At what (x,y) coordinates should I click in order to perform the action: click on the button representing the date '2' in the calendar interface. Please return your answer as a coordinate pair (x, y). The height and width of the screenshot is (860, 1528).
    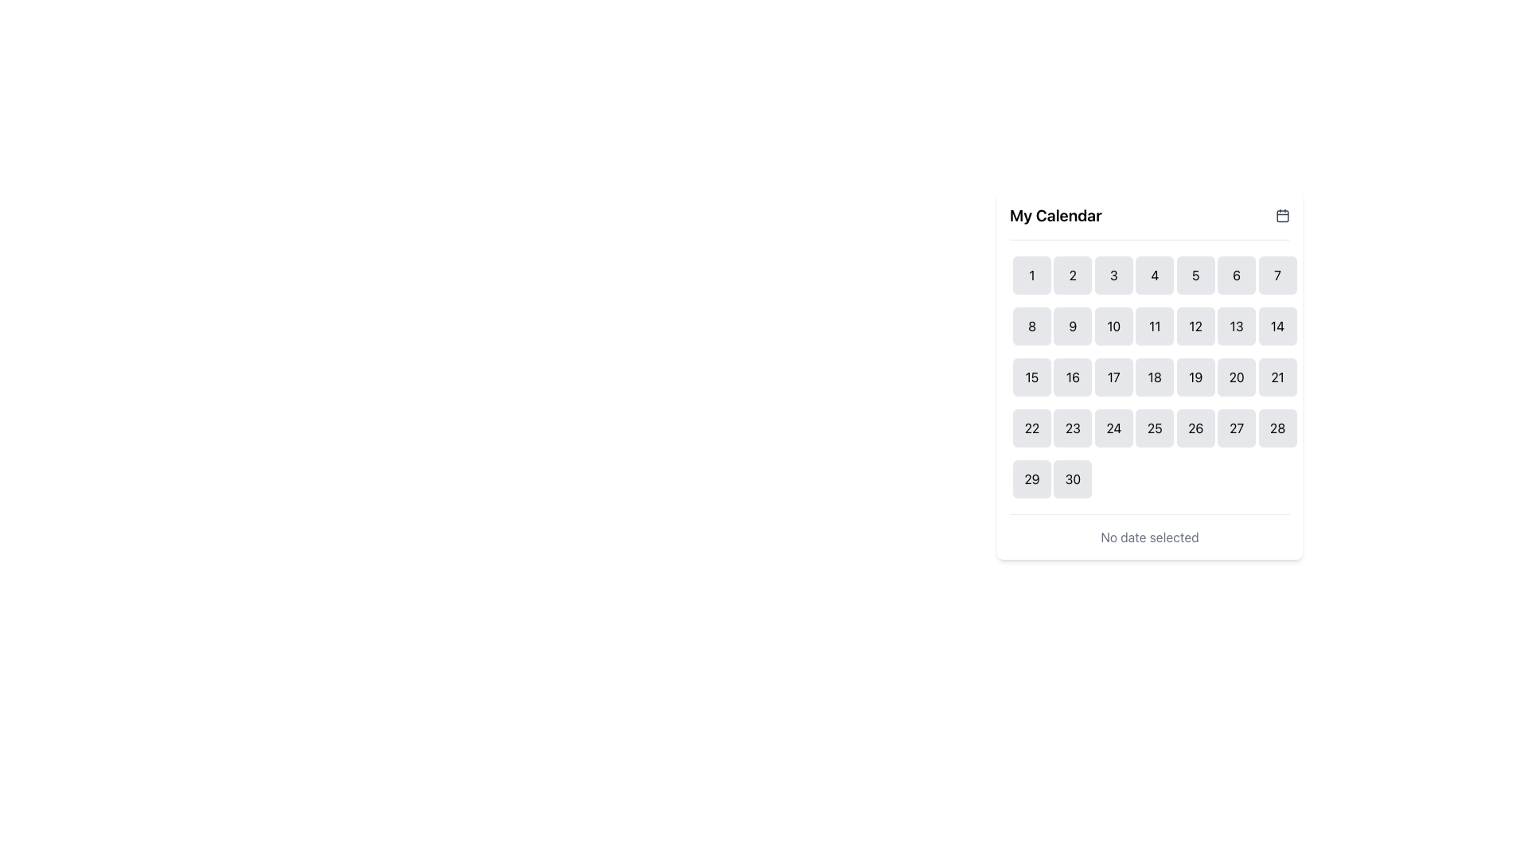
    Looking at the image, I should click on (1073, 275).